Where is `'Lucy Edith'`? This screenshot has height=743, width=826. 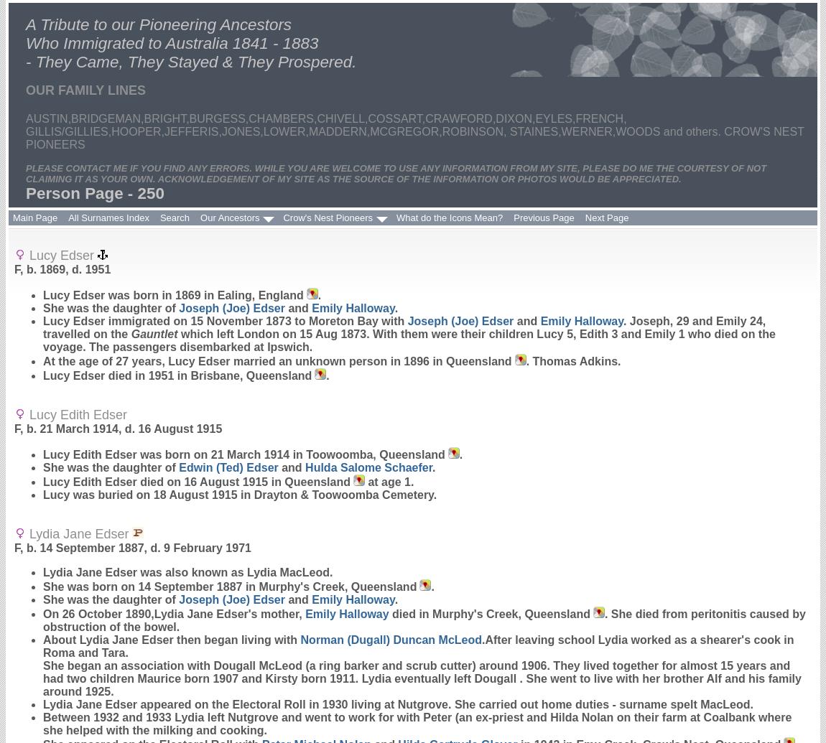 'Lucy Edith' is located at coordinates (73, 454).